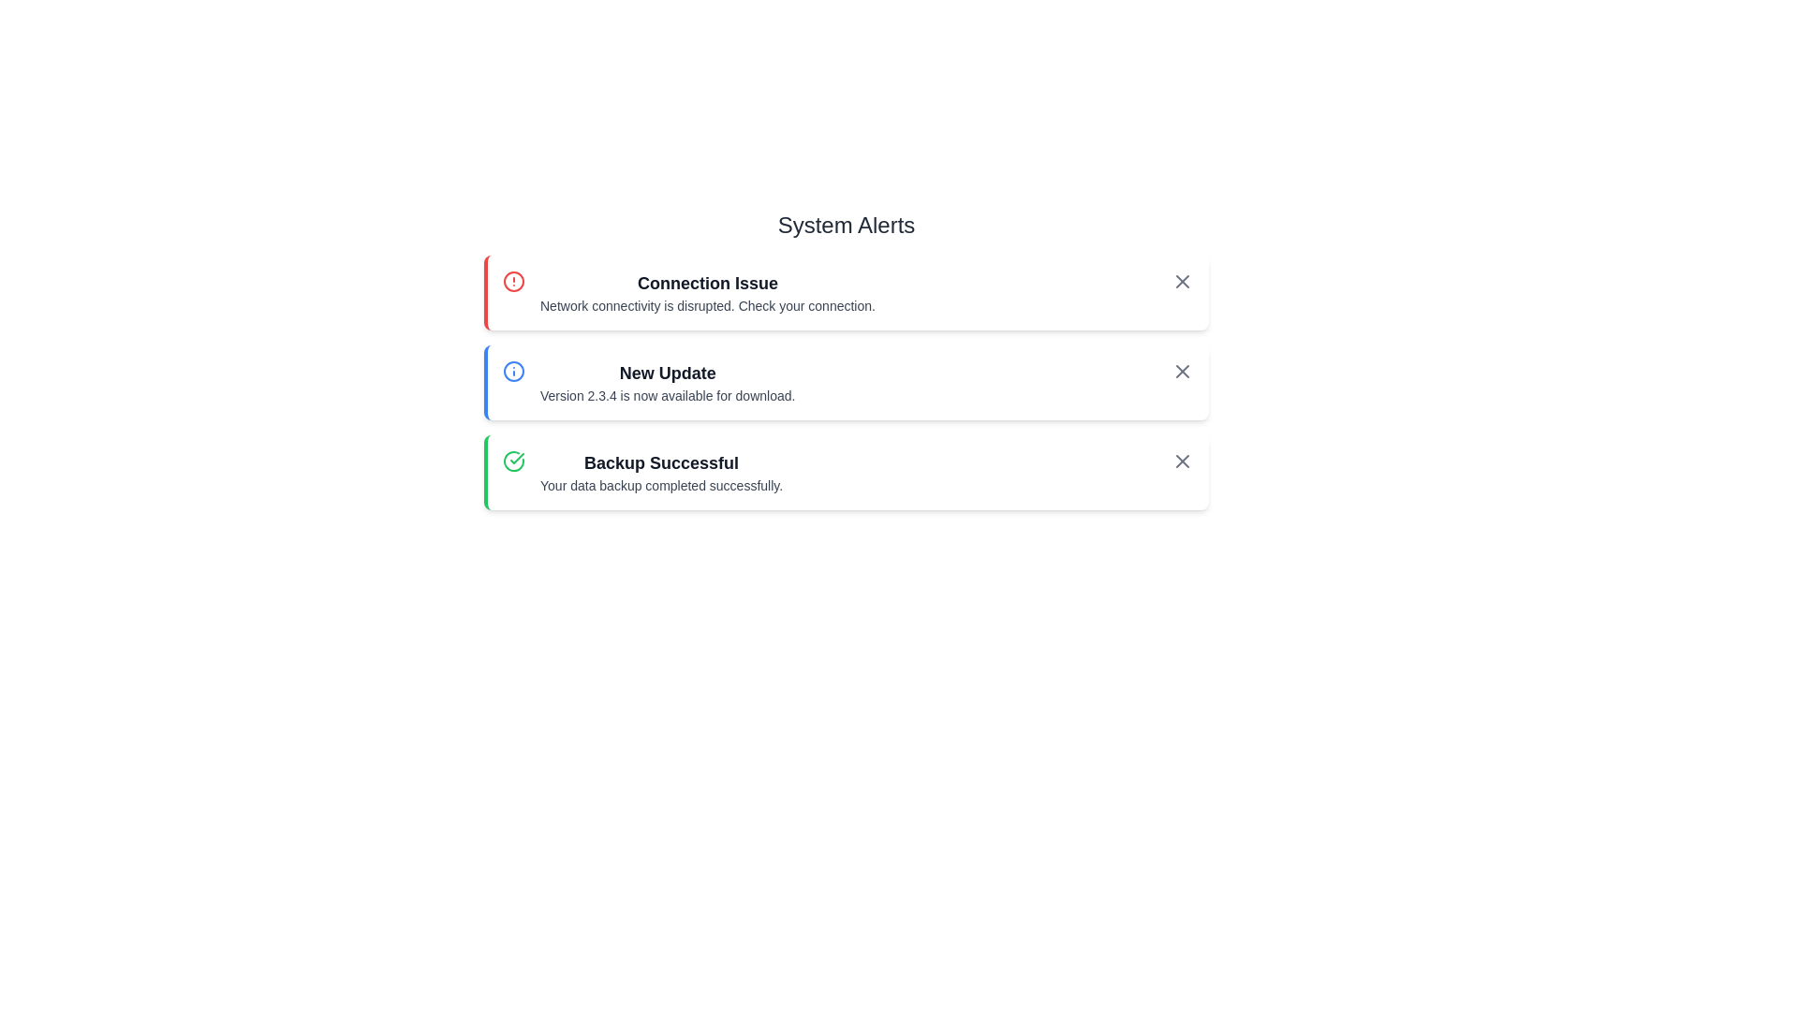  Describe the element at coordinates (845, 381) in the screenshot. I see `the composite component displaying system alerts, which is structured in a vertical grid list beneath the title 'System Alerts'` at that location.